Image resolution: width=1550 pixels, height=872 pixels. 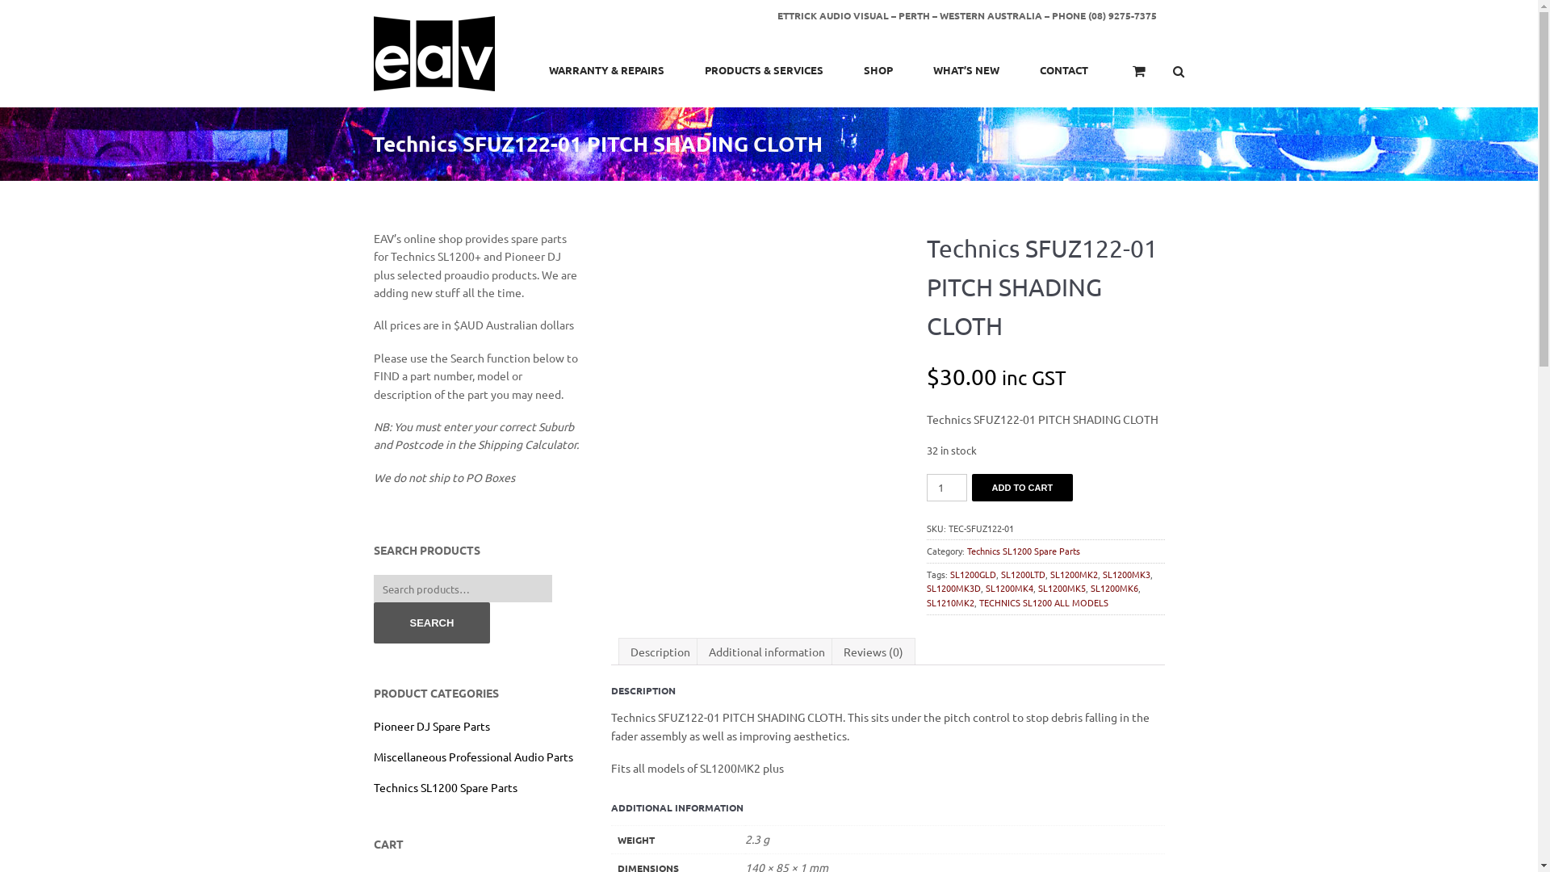 What do you see at coordinates (1125, 572) in the screenshot?
I see `'SL1200MK3'` at bounding box center [1125, 572].